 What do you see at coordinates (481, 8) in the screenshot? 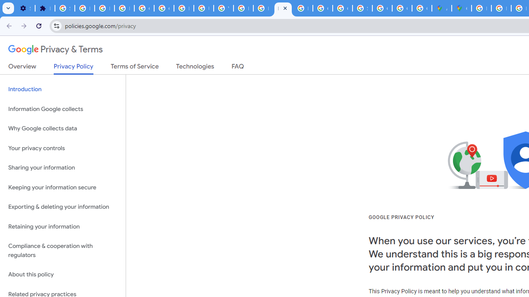
I see `'Policy Accountability and Transparency - Transparency Center'` at bounding box center [481, 8].